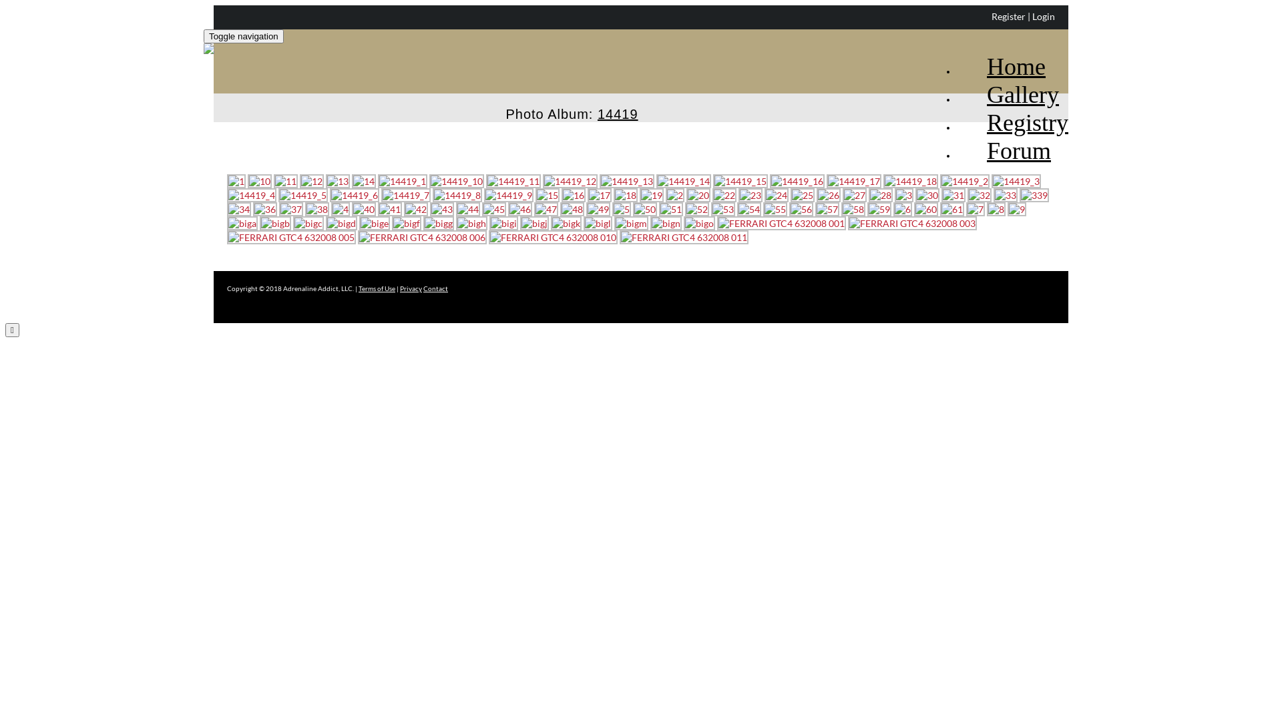  I want to click on 'bigg (click to enlarge)', so click(439, 222).